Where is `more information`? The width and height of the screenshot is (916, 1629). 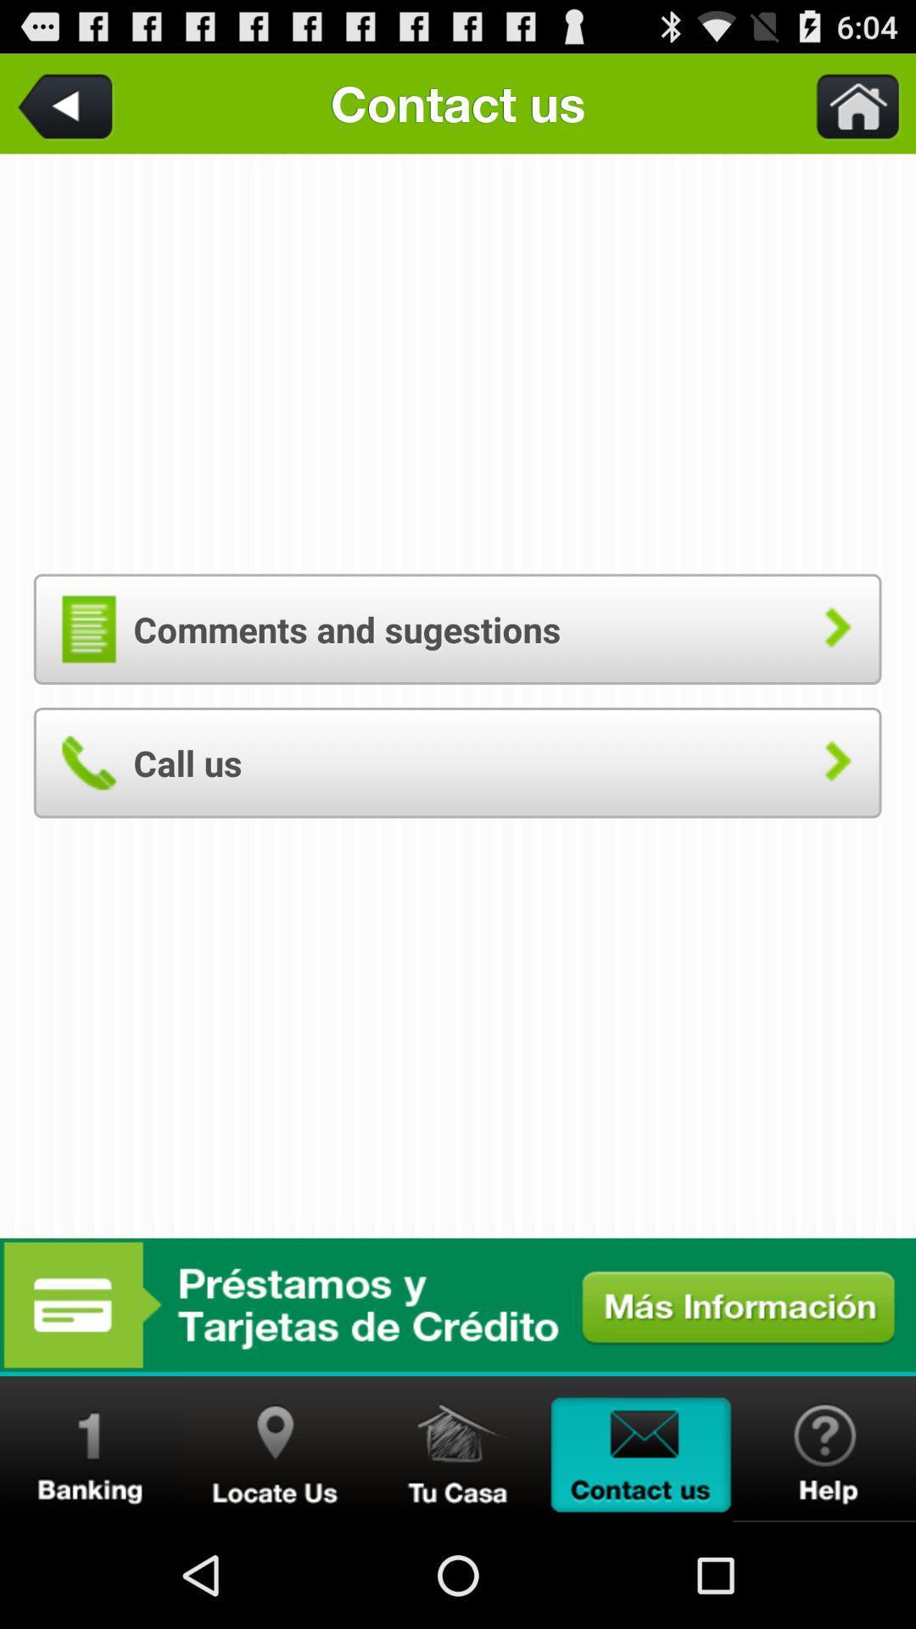 more information is located at coordinates (458, 1304).